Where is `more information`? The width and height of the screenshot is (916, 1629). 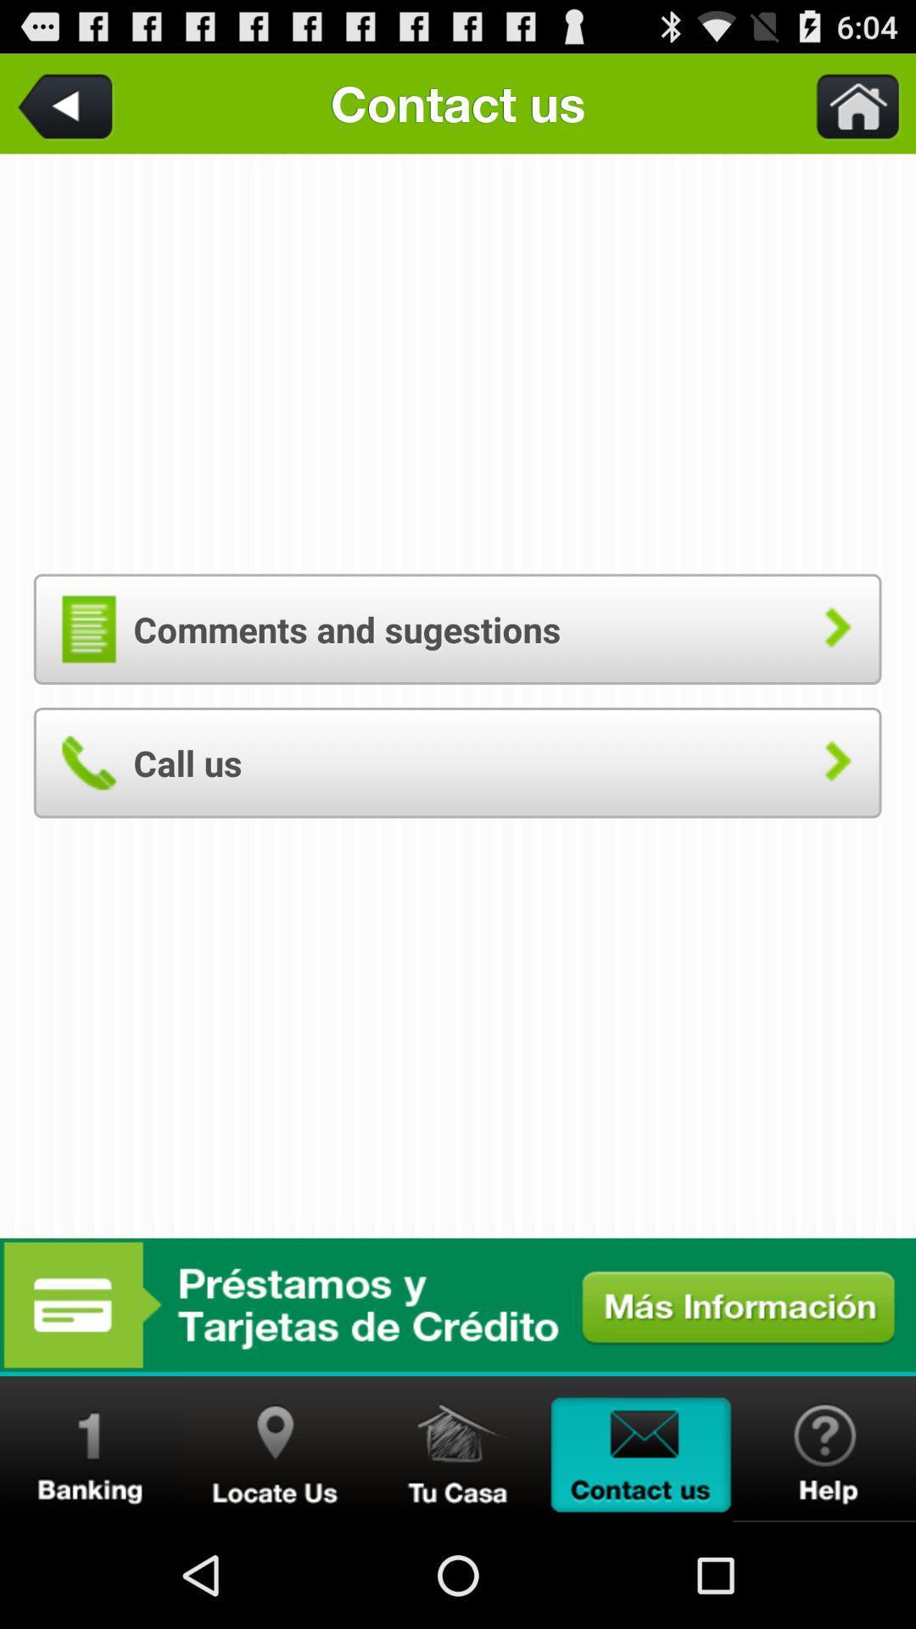 more information is located at coordinates (458, 1304).